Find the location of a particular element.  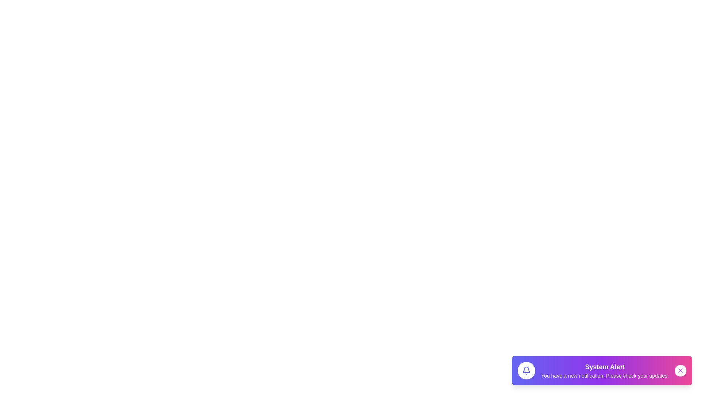

the bell icon to inspect or trigger associated actions is located at coordinates (526, 370).